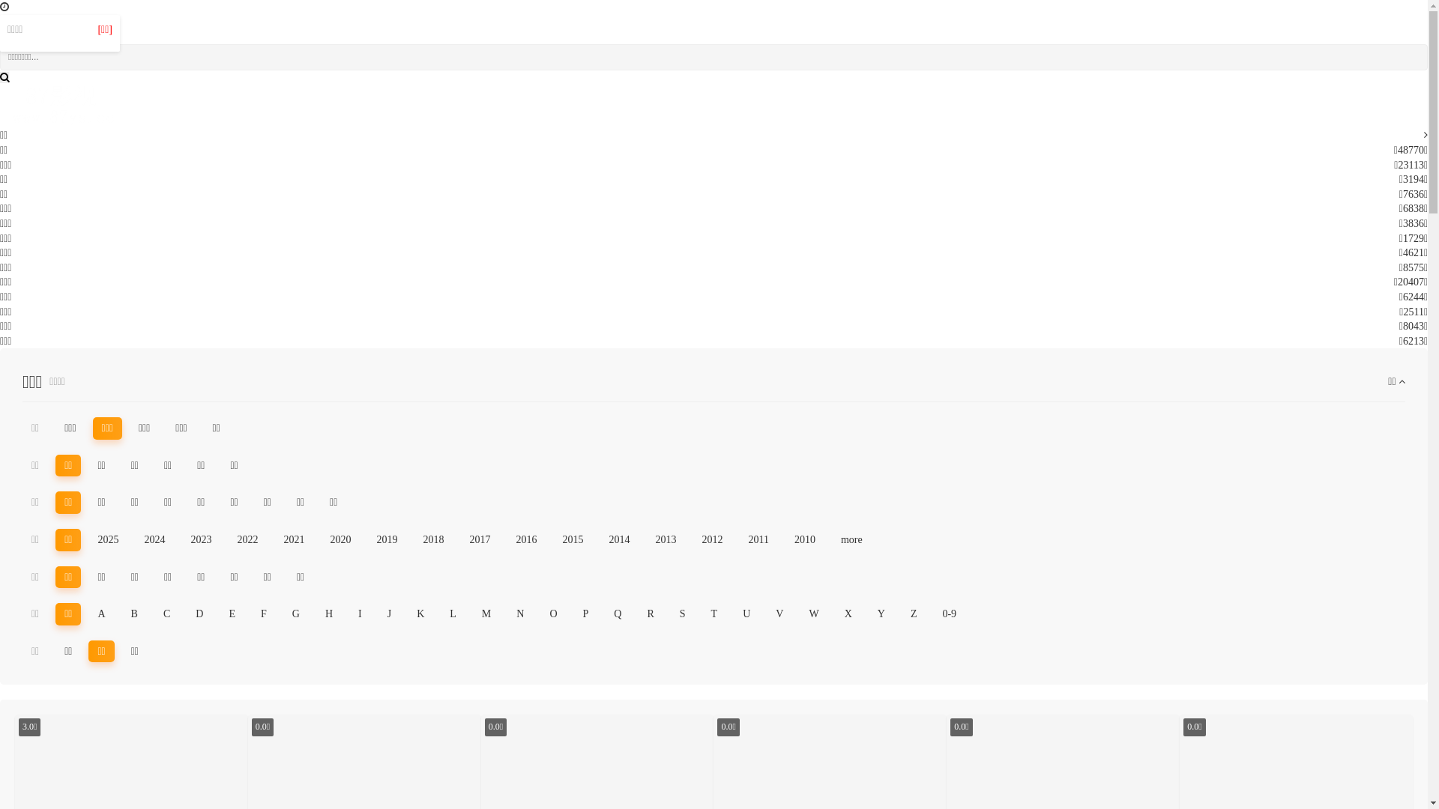 The image size is (1439, 809). I want to click on 'J', so click(389, 614).